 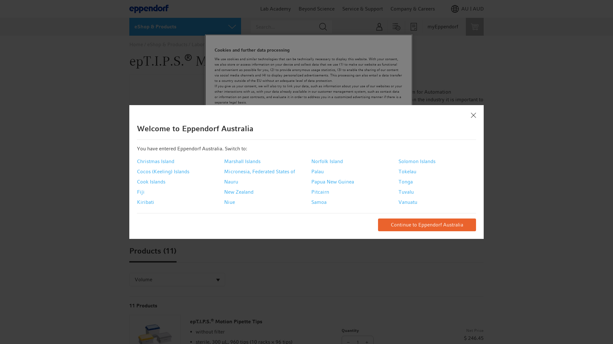 I want to click on 'Home', so click(x=136, y=44).